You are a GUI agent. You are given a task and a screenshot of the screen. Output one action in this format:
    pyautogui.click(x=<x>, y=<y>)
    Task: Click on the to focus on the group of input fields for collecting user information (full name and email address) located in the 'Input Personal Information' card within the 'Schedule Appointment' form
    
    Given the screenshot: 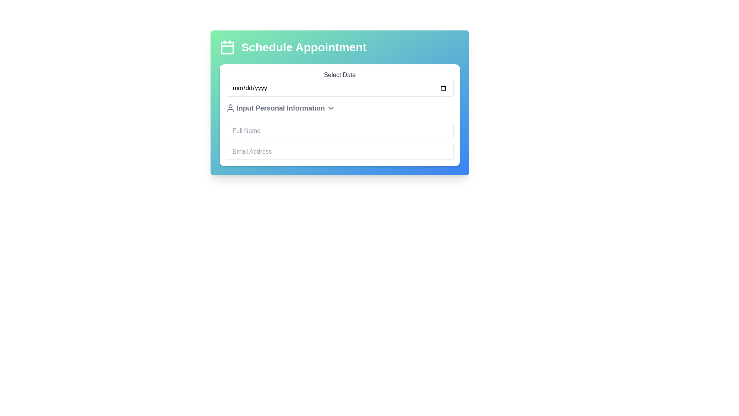 What is the action you would take?
    pyautogui.click(x=339, y=141)
    